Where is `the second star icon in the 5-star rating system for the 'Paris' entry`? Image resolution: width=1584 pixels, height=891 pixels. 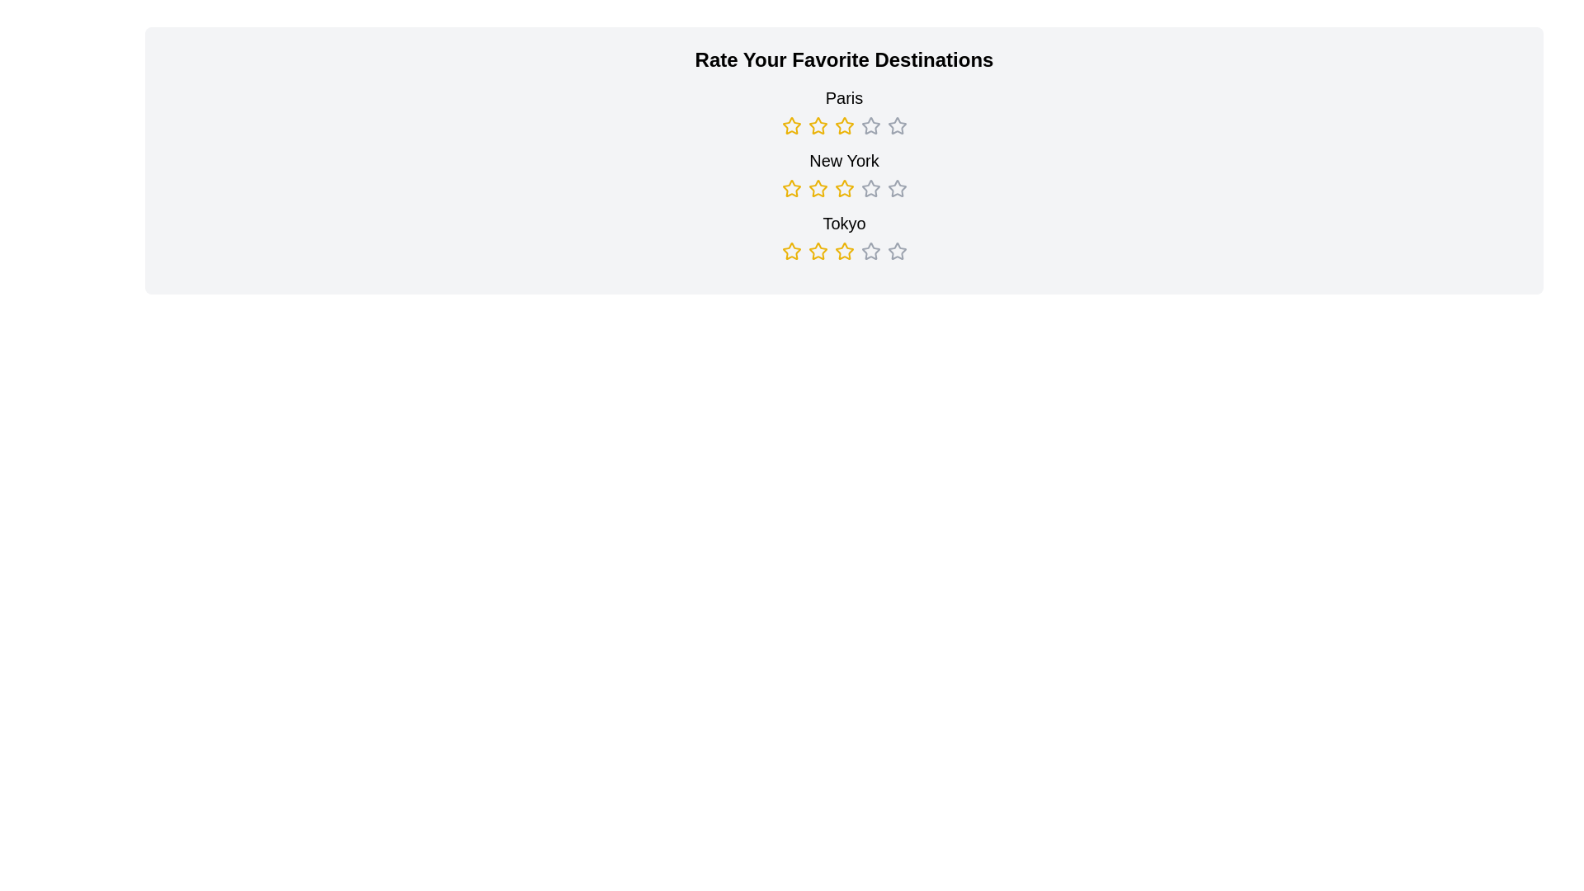 the second star icon in the 5-star rating system for the 'Paris' entry is located at coordinates (818, 125).